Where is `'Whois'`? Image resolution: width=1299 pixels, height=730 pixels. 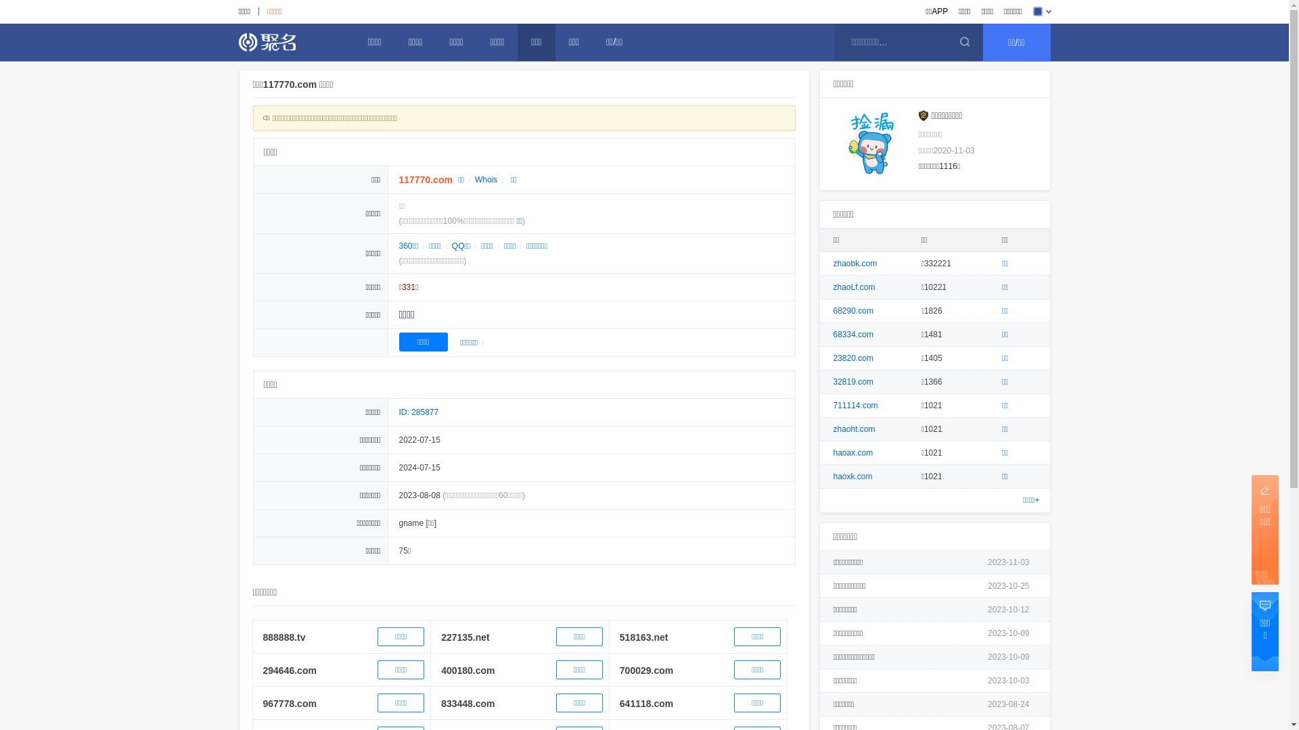
'Whois' is located at coordinates (486, 179).